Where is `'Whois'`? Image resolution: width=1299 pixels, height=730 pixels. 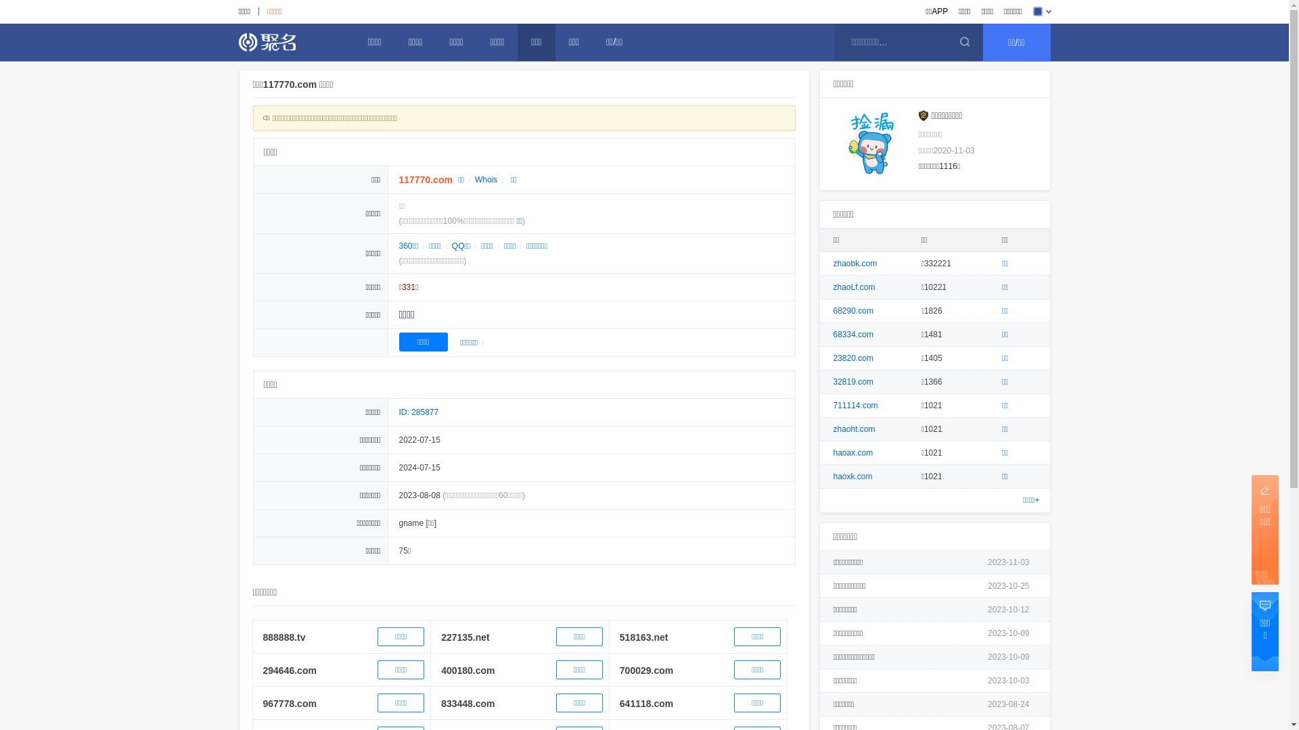
'Whois' is located at coordinates (486, 179).